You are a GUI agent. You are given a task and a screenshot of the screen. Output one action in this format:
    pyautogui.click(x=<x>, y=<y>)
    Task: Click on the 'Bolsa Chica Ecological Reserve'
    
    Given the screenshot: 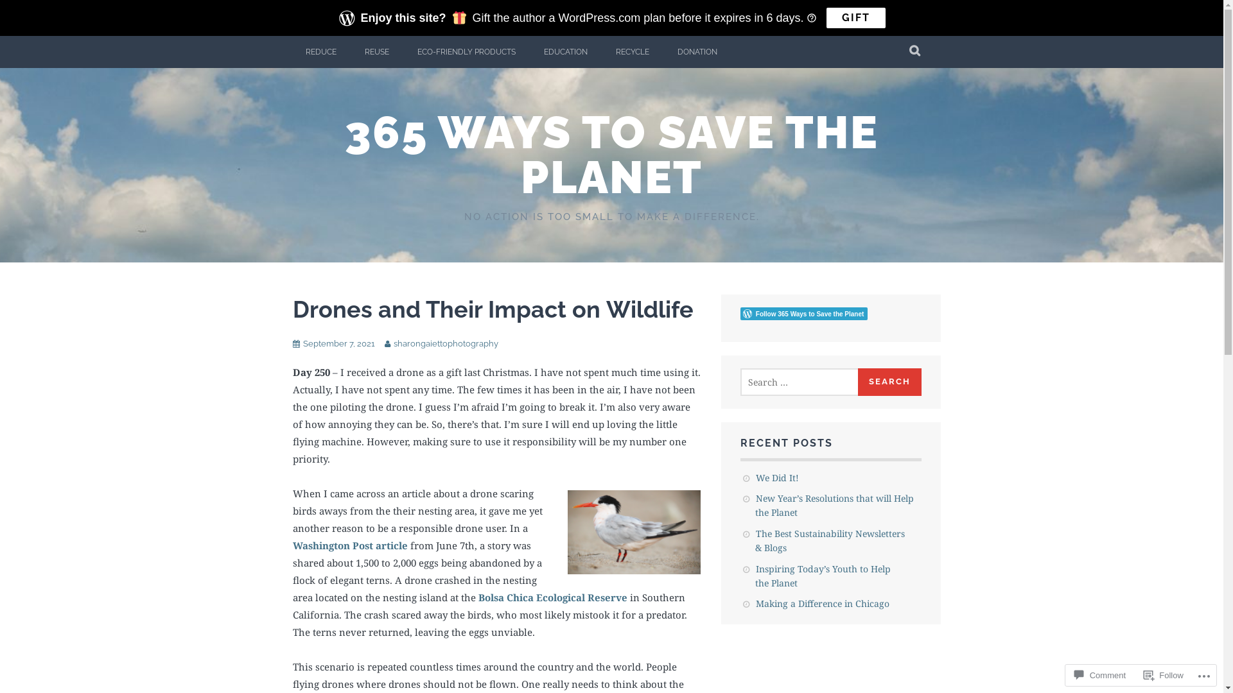 What is the action you would take?
    pyautogui.click(x=477, y=597)
    